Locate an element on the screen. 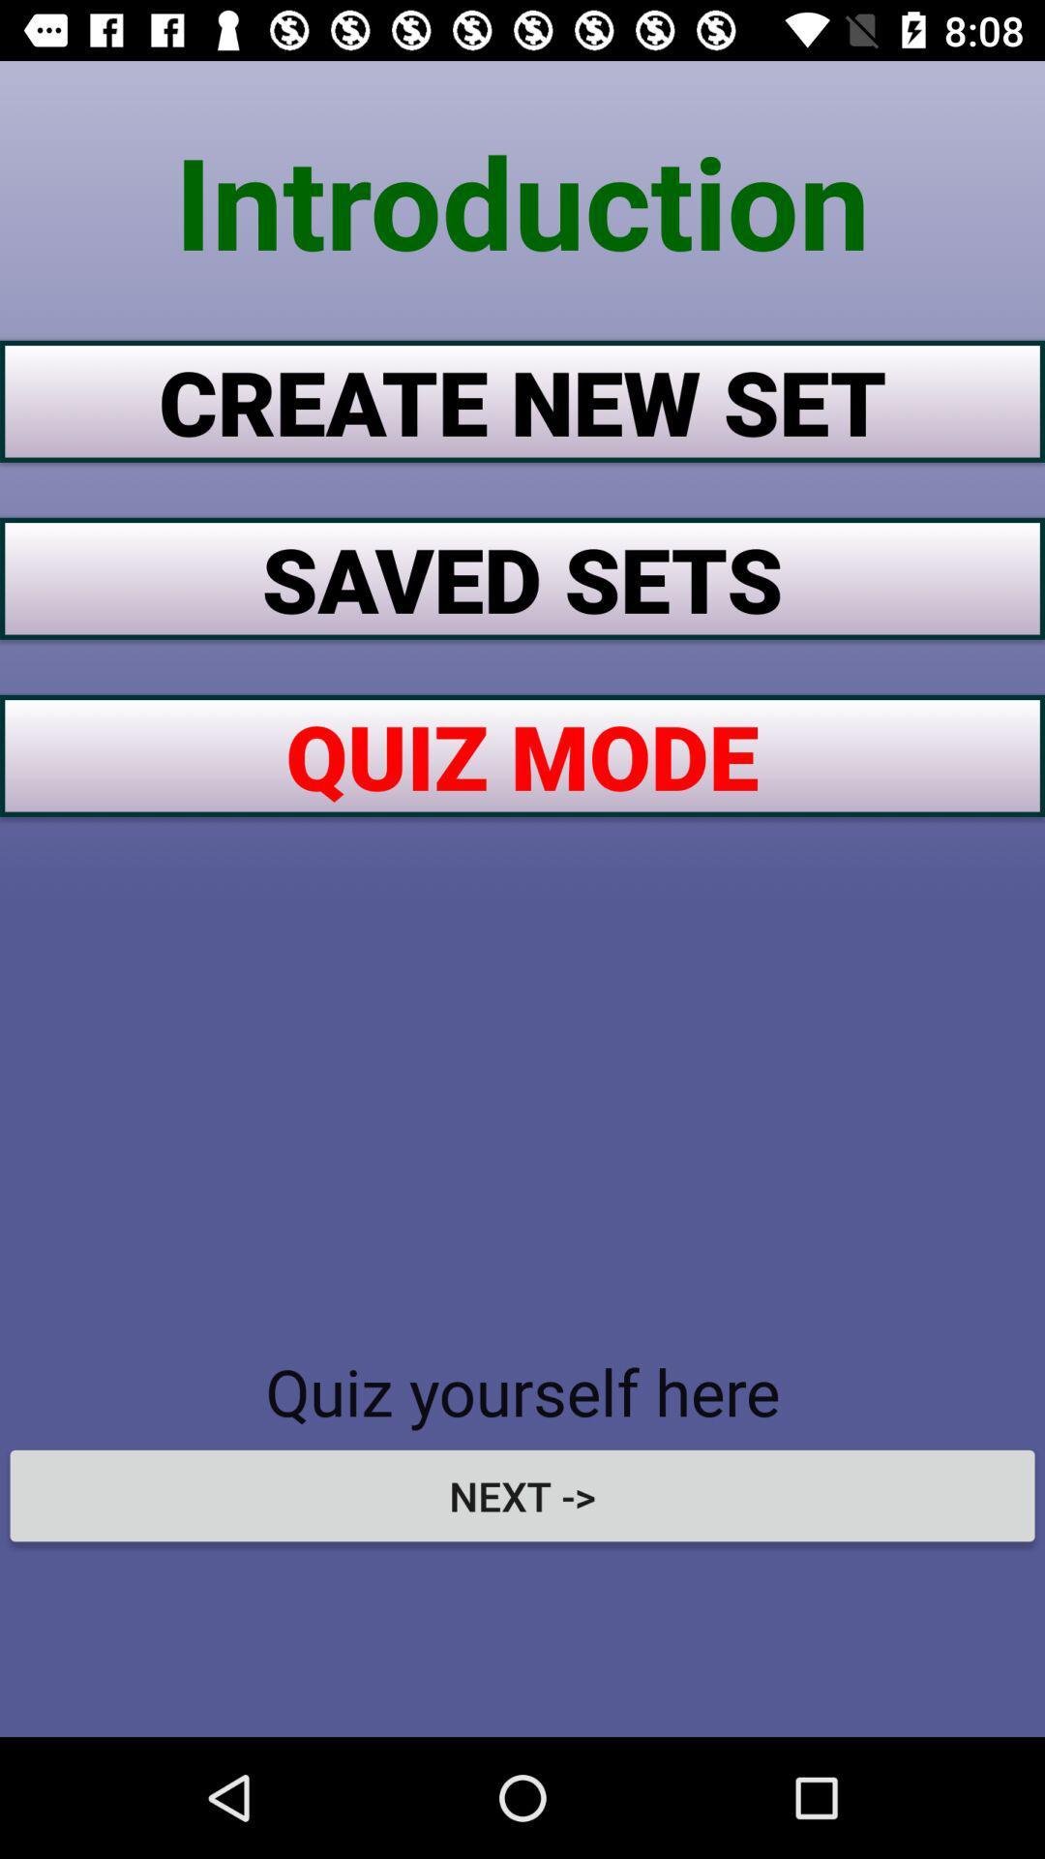  next -> item is located at coordinates (522, 1495).